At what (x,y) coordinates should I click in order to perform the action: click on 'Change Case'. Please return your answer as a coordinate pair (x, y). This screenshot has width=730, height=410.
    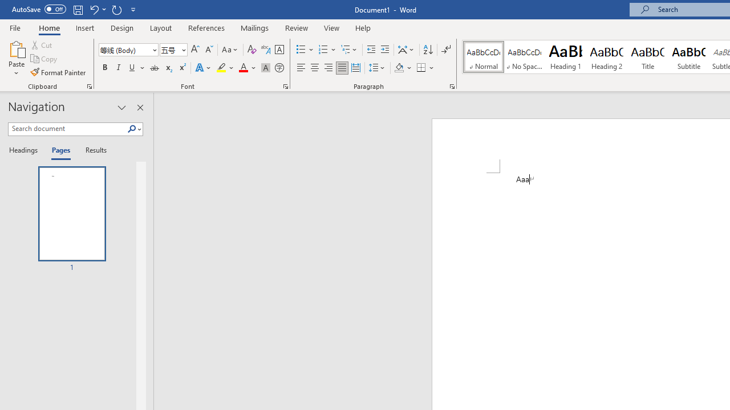
    Looking at the image, I should click on (230, 49).